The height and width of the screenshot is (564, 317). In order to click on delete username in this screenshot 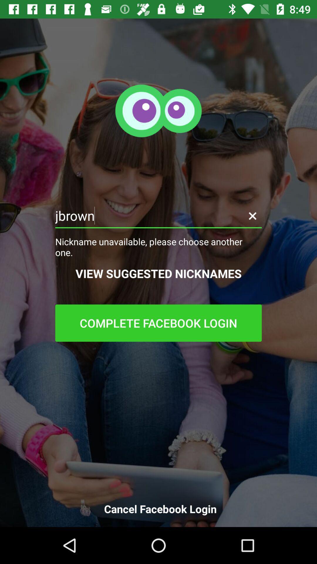, I will do `click(252, 215)`.